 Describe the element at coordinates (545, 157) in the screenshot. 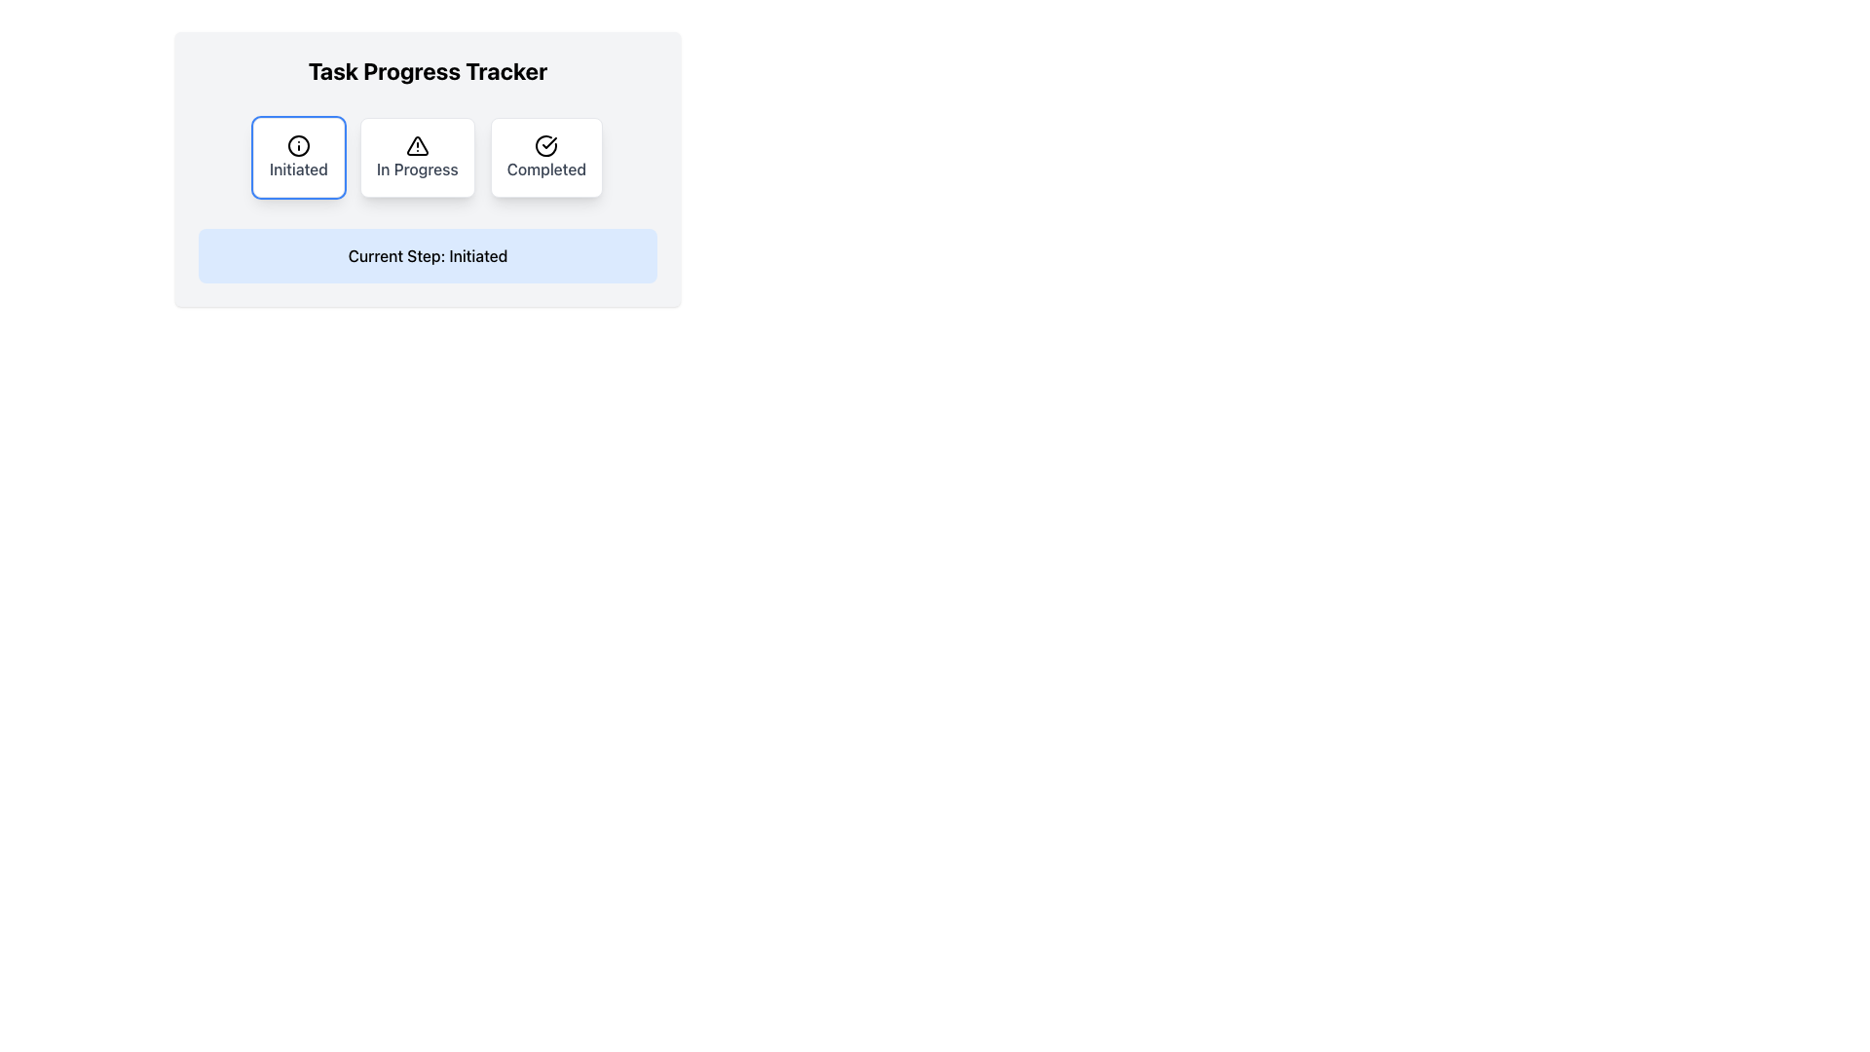

I see `the Status Indicator Card, which is the third card in a horizontal row indicating a completed task or status` at that location.